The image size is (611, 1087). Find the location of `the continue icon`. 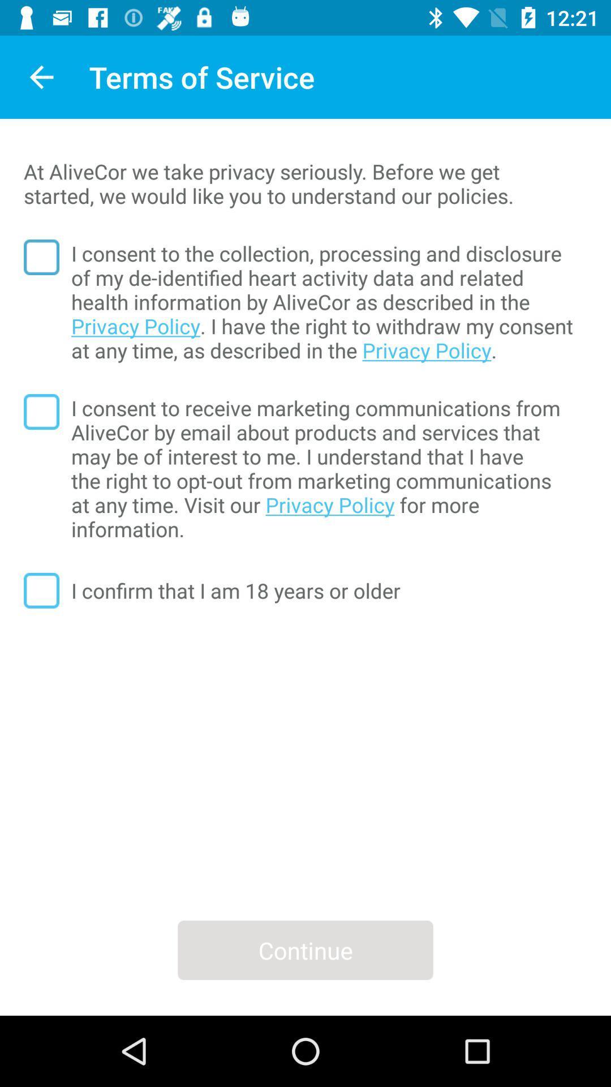

the continue icon is located at coordinates (305, 950).